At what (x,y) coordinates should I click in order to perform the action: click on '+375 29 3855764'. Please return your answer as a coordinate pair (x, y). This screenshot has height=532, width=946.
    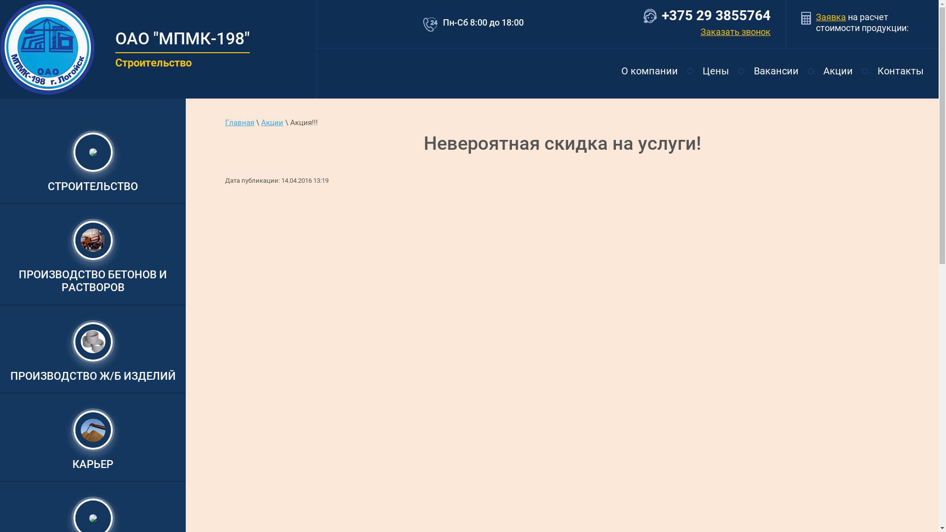
    Looking at the image, I should click on (716, 15).